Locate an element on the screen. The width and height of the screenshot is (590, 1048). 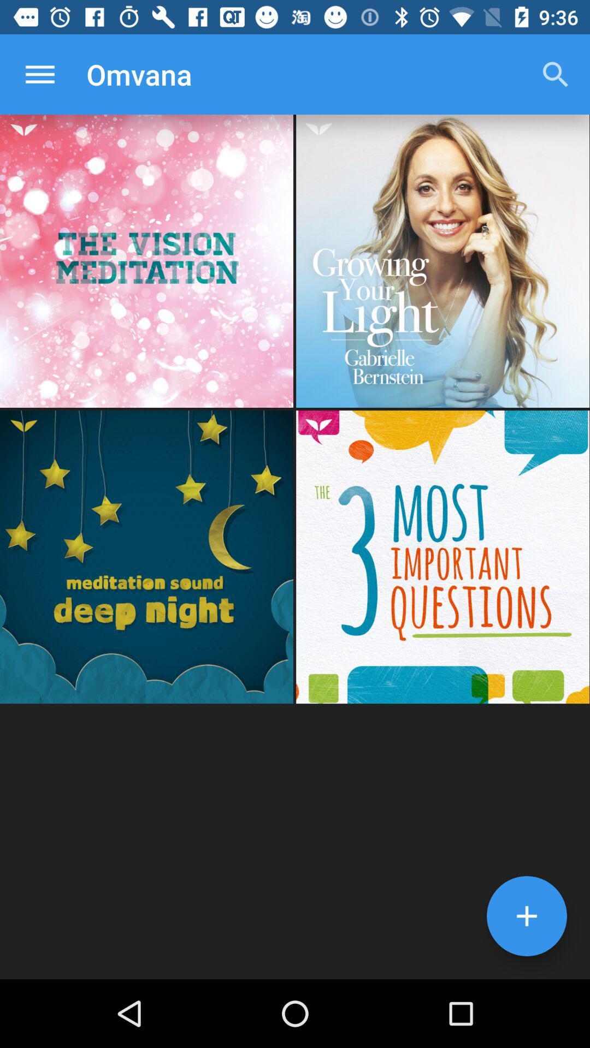
a add button which is on the bottom right corner of page is located at coordinates (526, 916).